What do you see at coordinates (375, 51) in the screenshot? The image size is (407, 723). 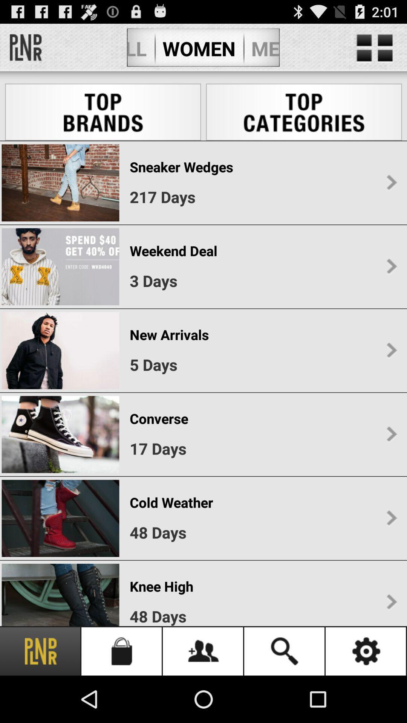 I see `the dashboard icon` at bounding box center [375, 51].